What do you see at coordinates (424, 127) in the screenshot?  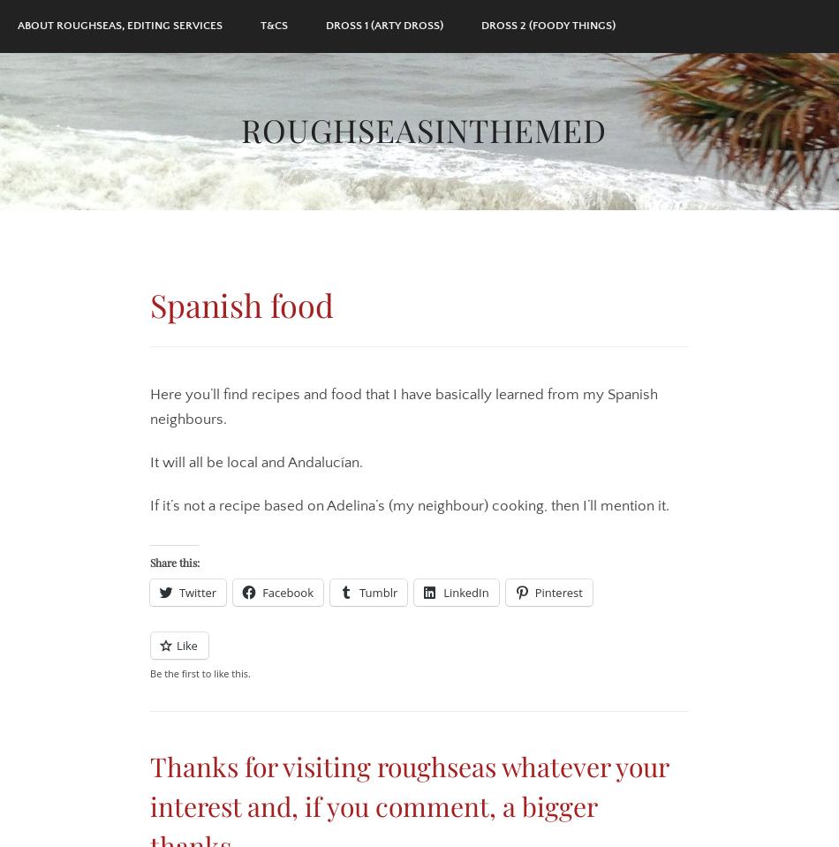 I see `'roughseasinthemed'` at bounding box center [424, 127].